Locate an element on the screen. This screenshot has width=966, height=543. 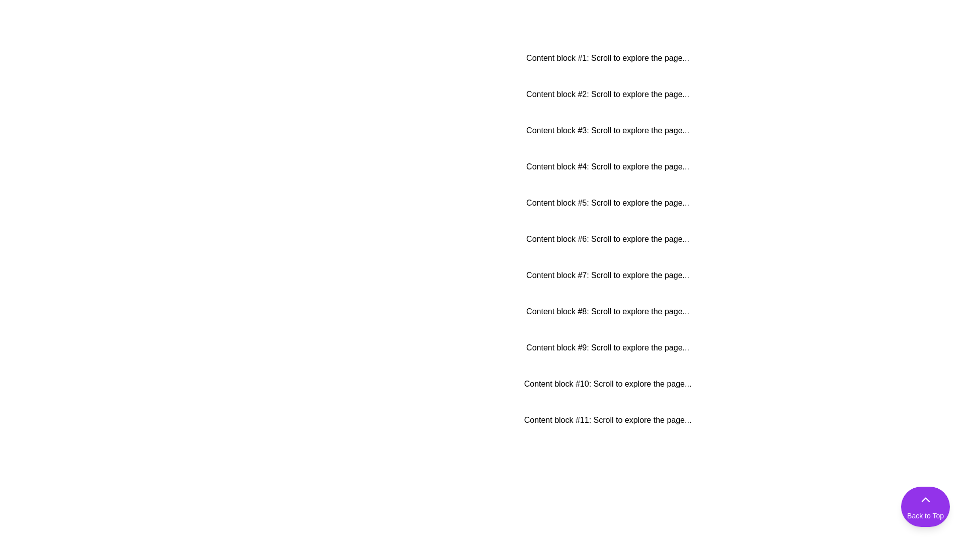
static text label that is the tenth item in a vertically arranged sequence of labeled text blocks, positioned between 'Content block #9' above and 'Content block #11' below is located at coordinates (607, 384).